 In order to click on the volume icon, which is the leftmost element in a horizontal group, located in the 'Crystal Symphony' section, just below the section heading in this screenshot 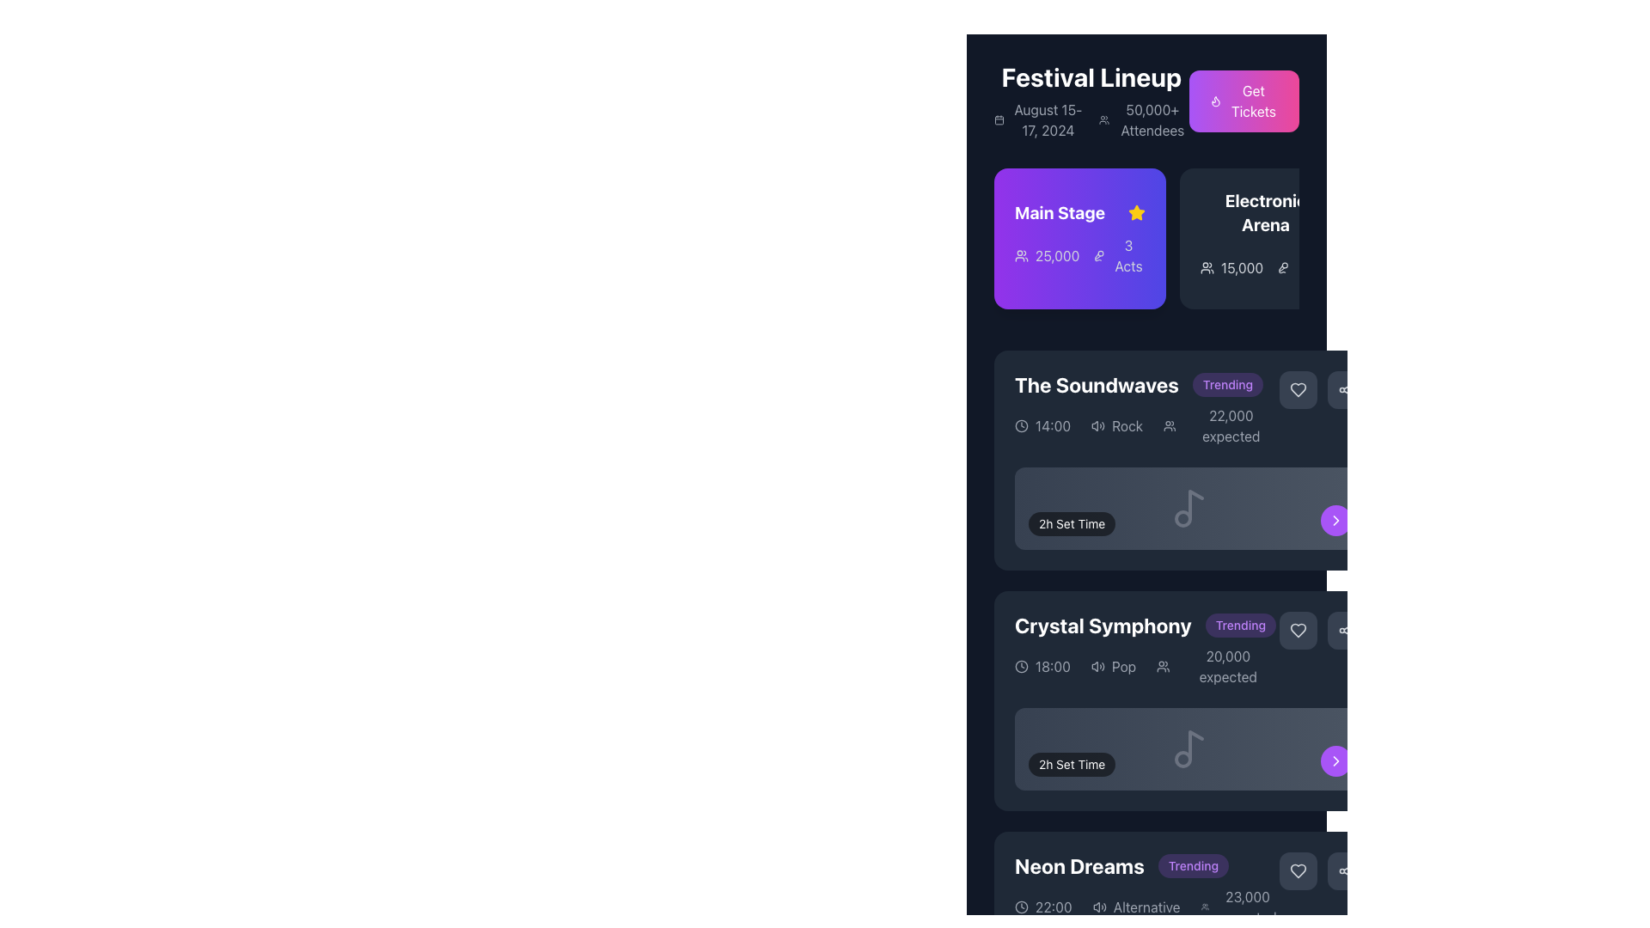, I will do `click(1097, 665)`.